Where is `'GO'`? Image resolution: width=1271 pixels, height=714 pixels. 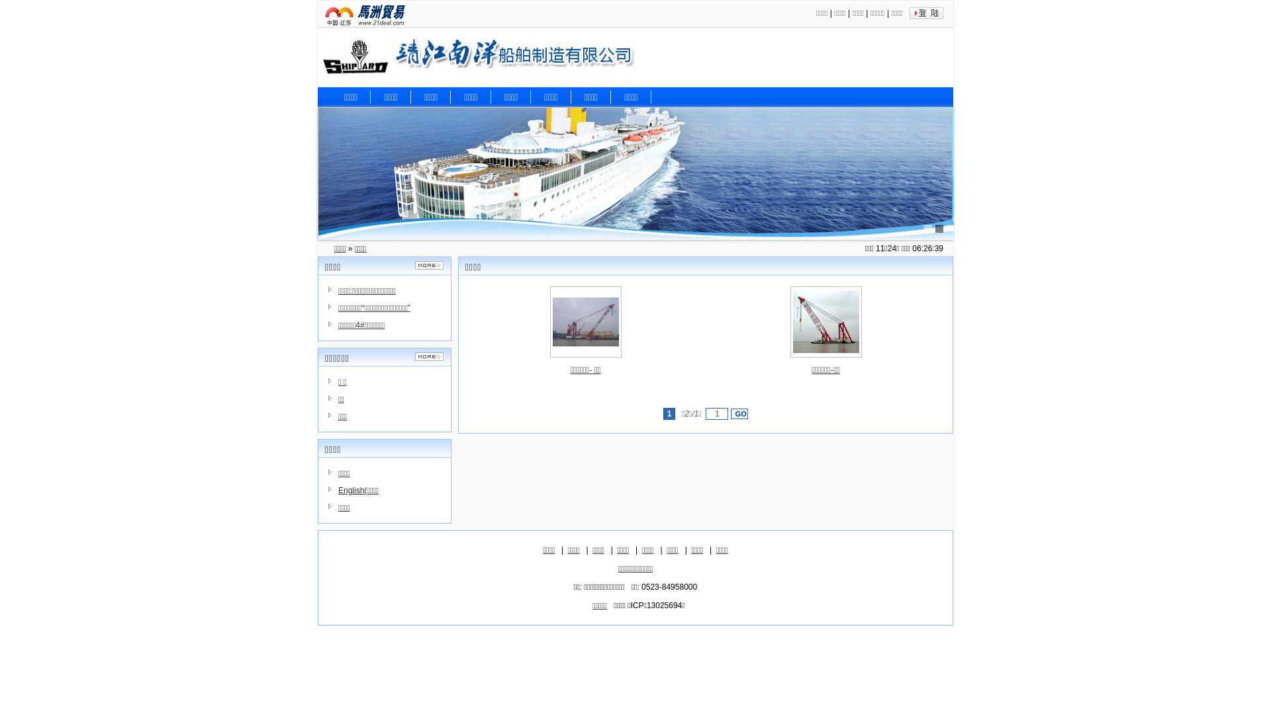
'GO' is located at coordinates (730, 413).